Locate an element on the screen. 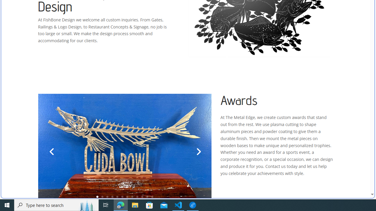 The width and height of the screenshot is (376, 211). '8' is located at coordinates (132, 197).